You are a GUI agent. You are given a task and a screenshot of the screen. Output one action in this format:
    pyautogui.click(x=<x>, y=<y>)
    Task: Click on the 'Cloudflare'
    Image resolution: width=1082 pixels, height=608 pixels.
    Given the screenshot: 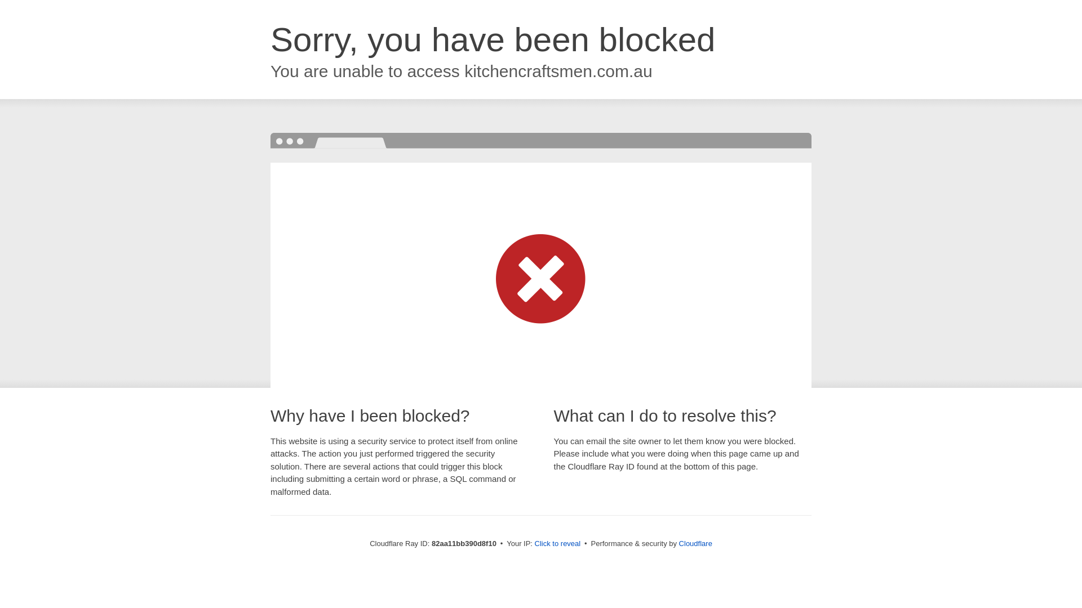 What is the action you would take?
    pyautogui.click(x=695, y=543)
    